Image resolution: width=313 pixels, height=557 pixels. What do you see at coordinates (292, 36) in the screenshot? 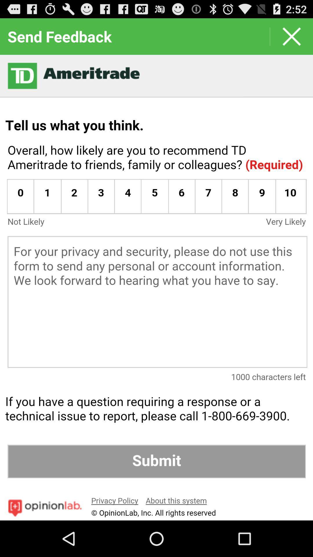
I see `page` at bounding box center [292, 36].